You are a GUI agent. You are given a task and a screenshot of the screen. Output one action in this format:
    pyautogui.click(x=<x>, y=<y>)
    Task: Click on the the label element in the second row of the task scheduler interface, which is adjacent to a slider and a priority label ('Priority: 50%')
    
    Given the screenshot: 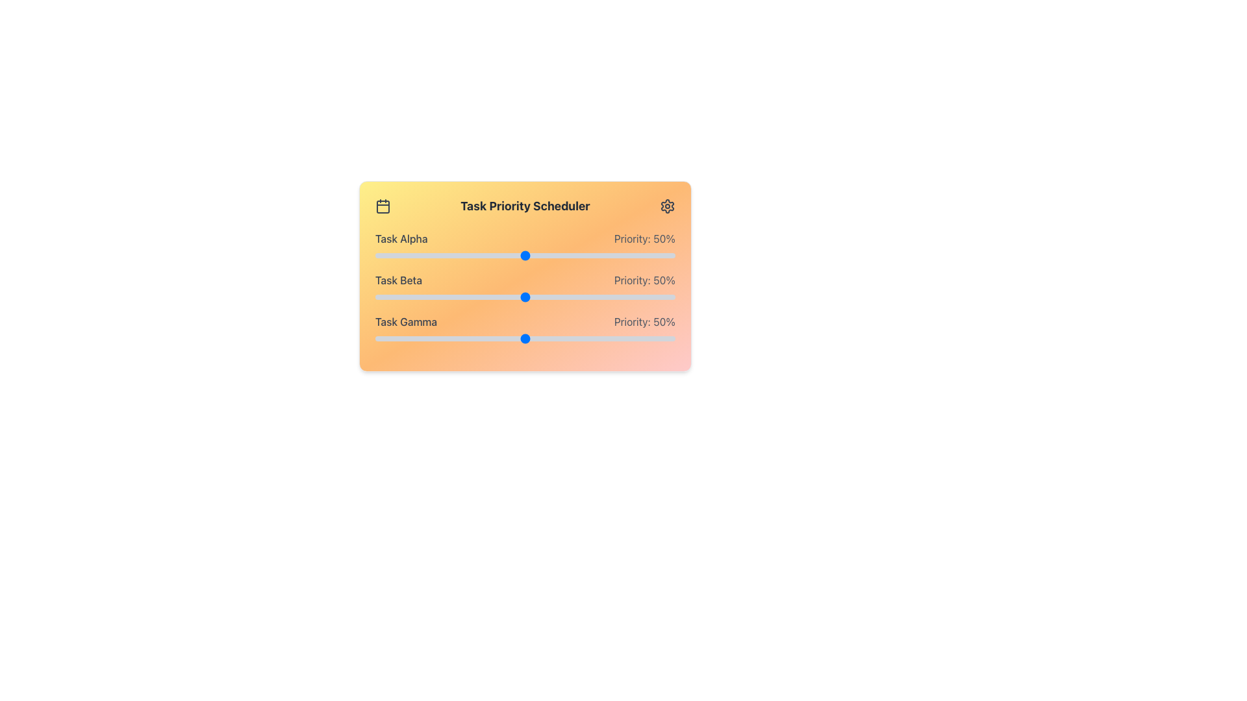 What is the action you would take?
    pyautogui.click(x=398, y=280)
    